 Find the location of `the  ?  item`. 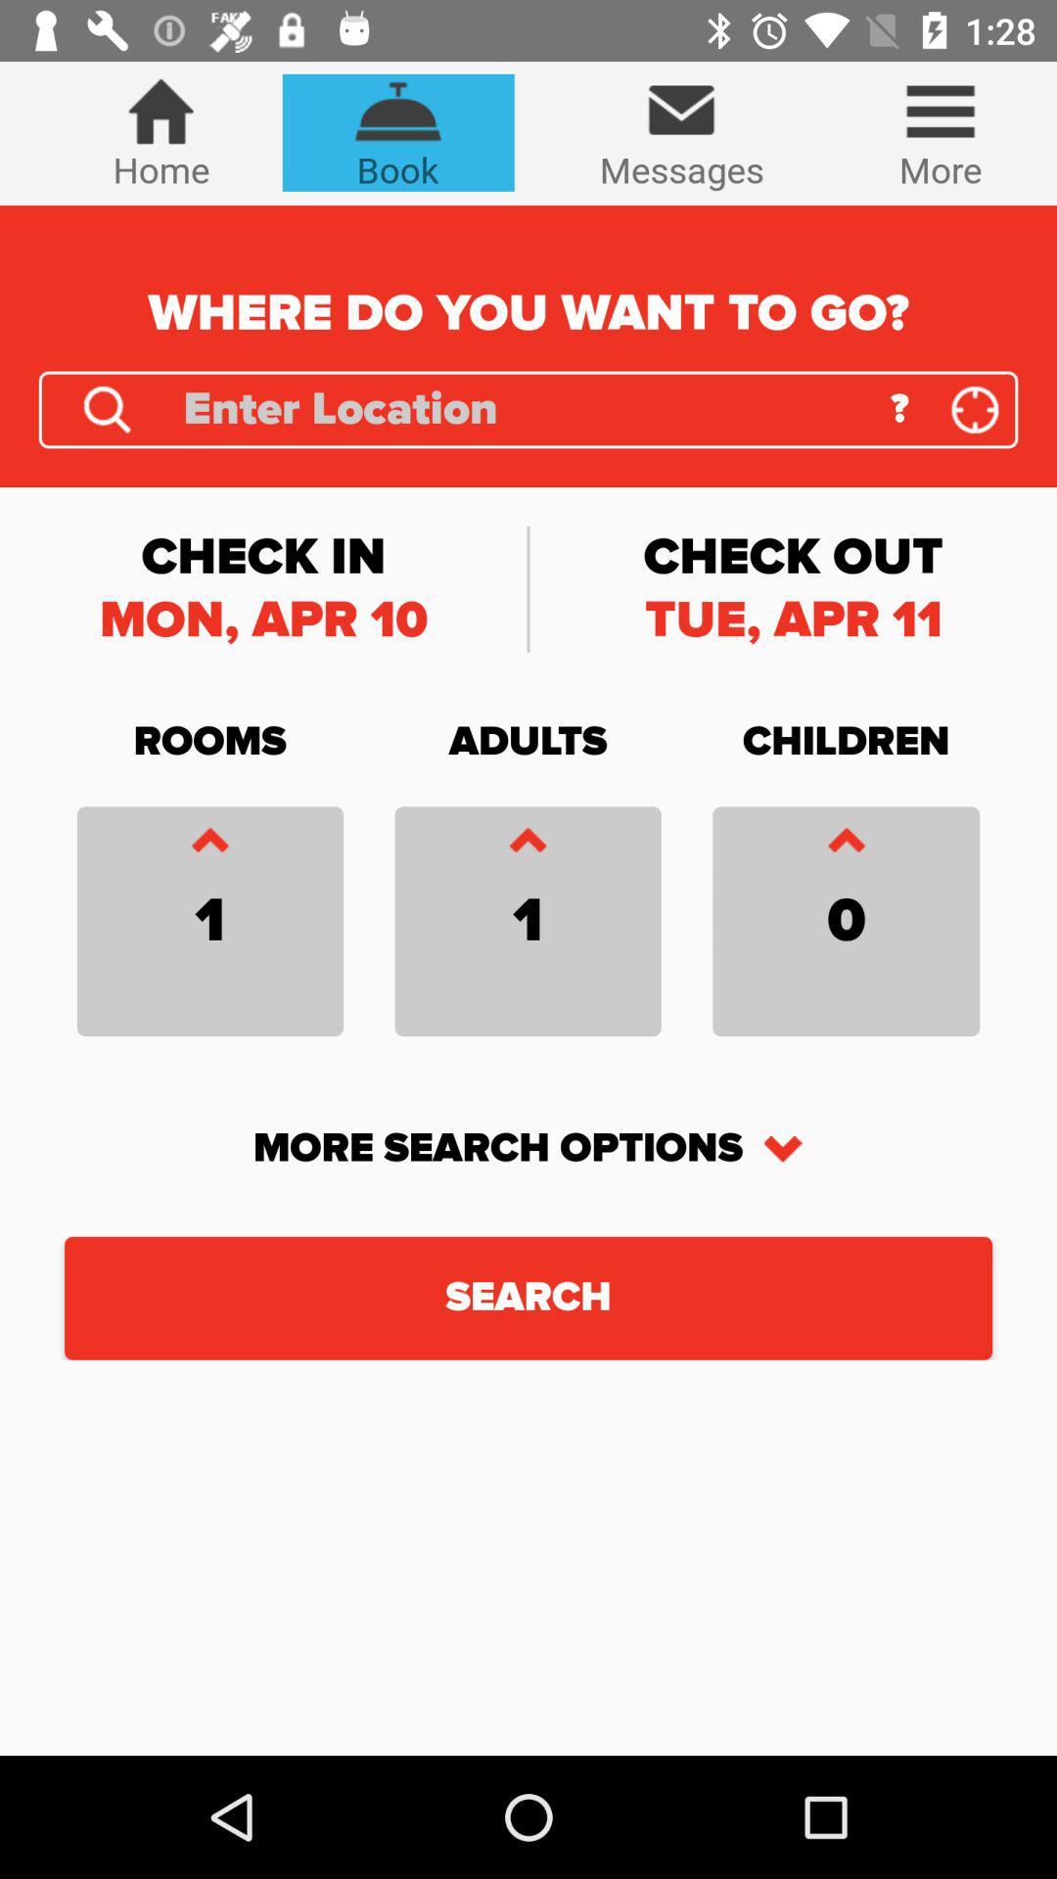

the  ?  item is located at coordinates (899, 408).